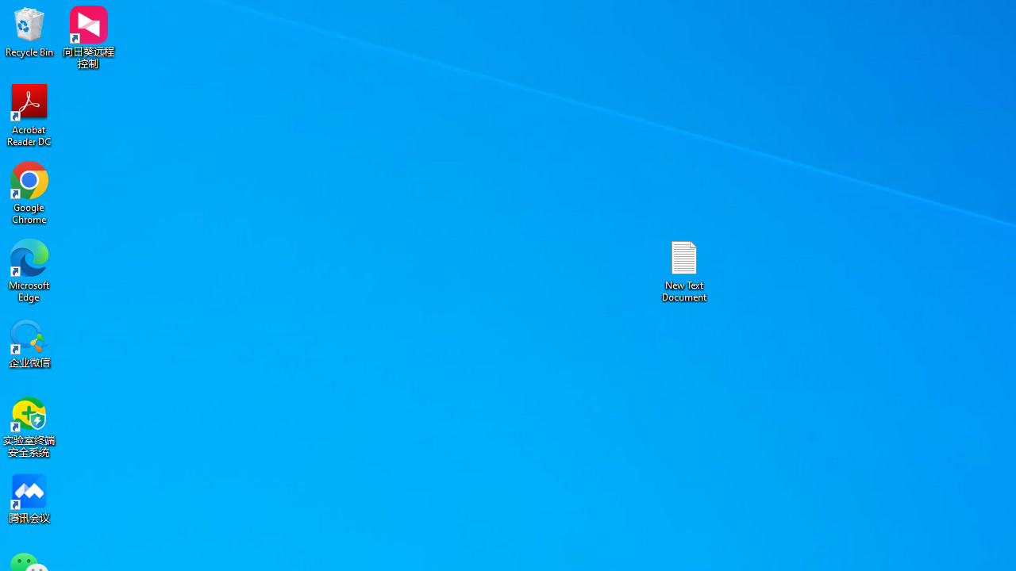  I want to click on 'Acrobat Reader DC', so click(29, 114).